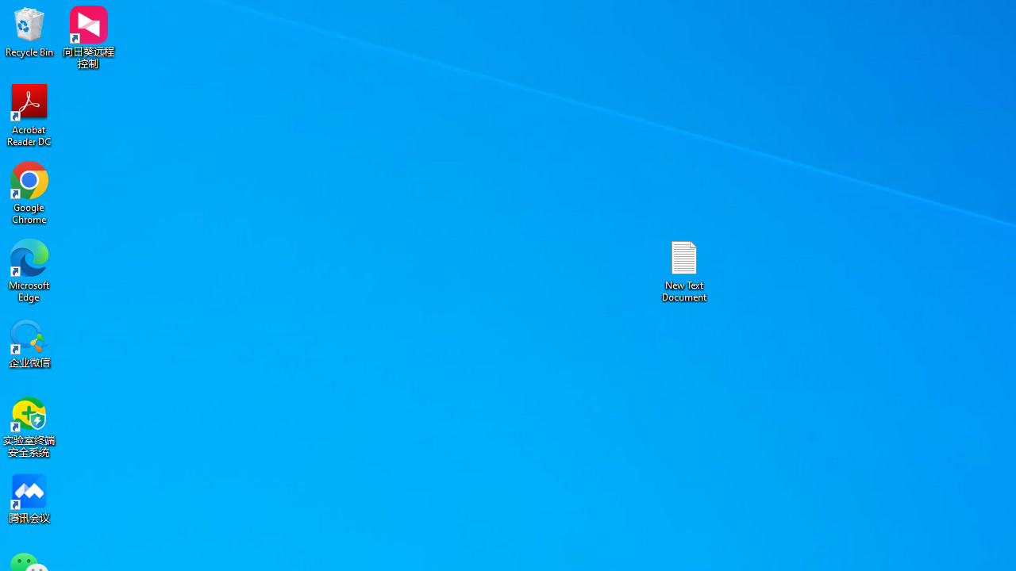  I want to click on 'Acrobat Reader DC', so click(29, 114).